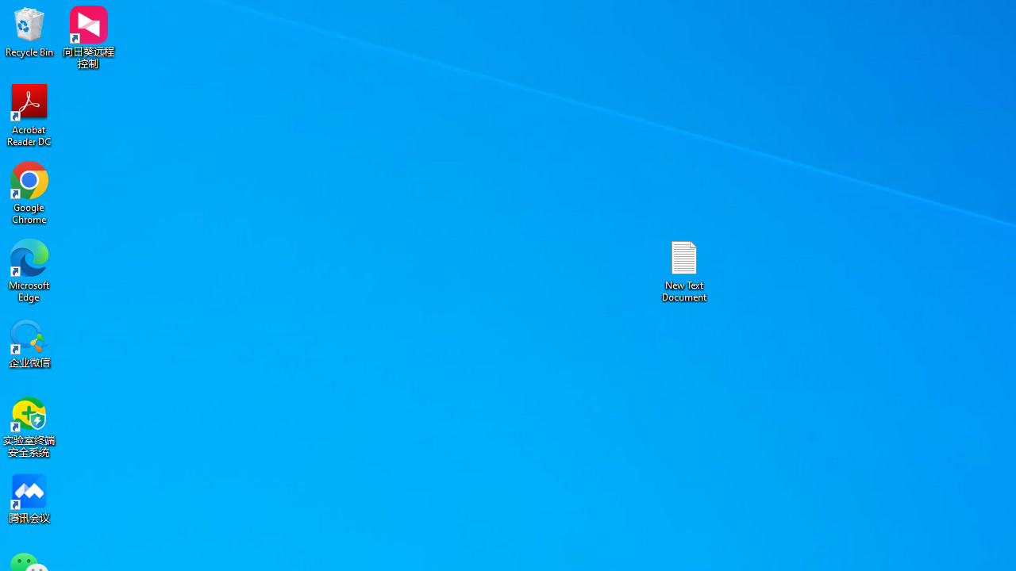  I want to click on 'Acrobat Reader DC', so click(29, 114).